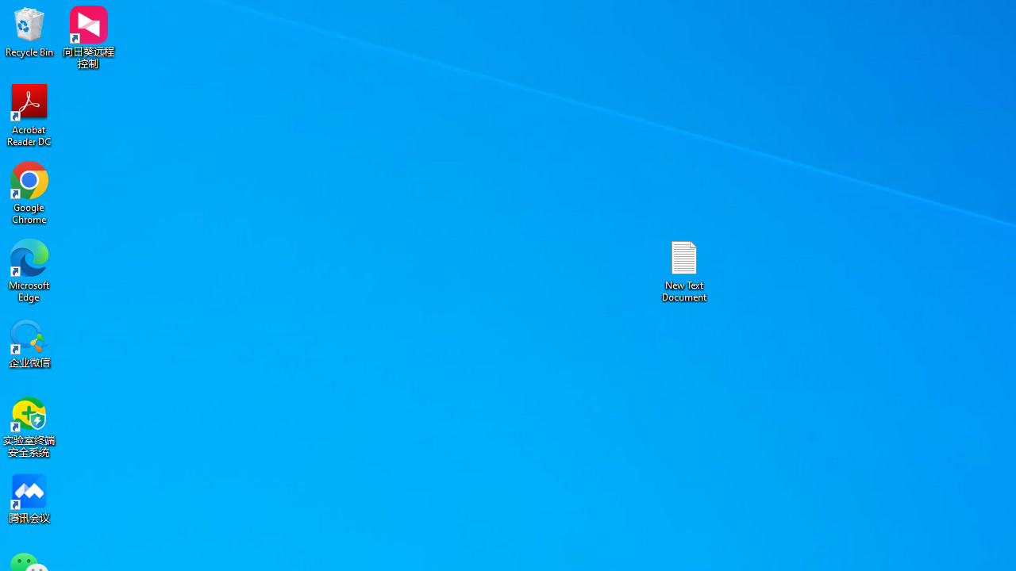  I want to click on 'Acrobat Reader DC', so click(29, 114).